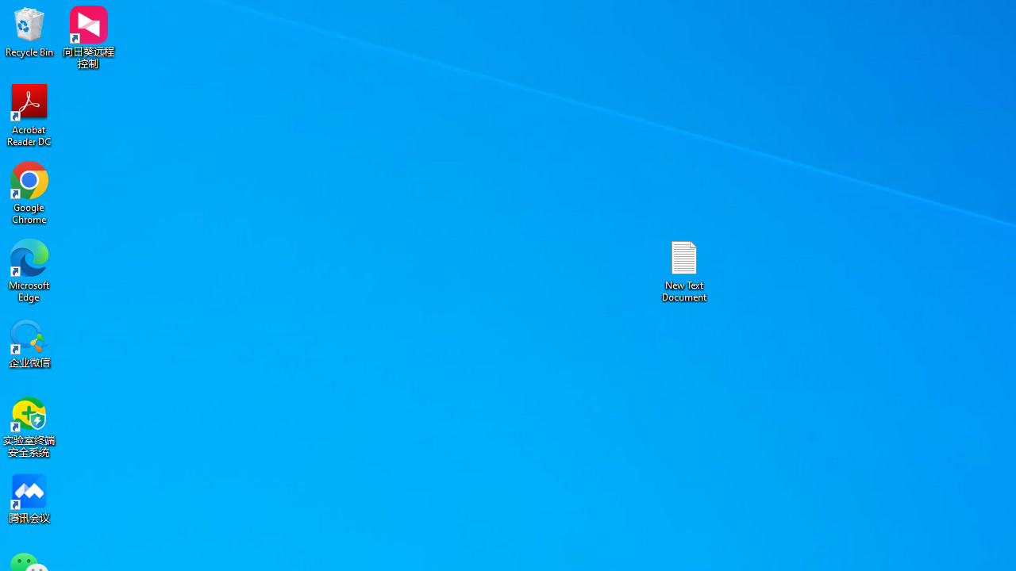  I want to click on 'Acrobat Reader DC', so click(29, 114).